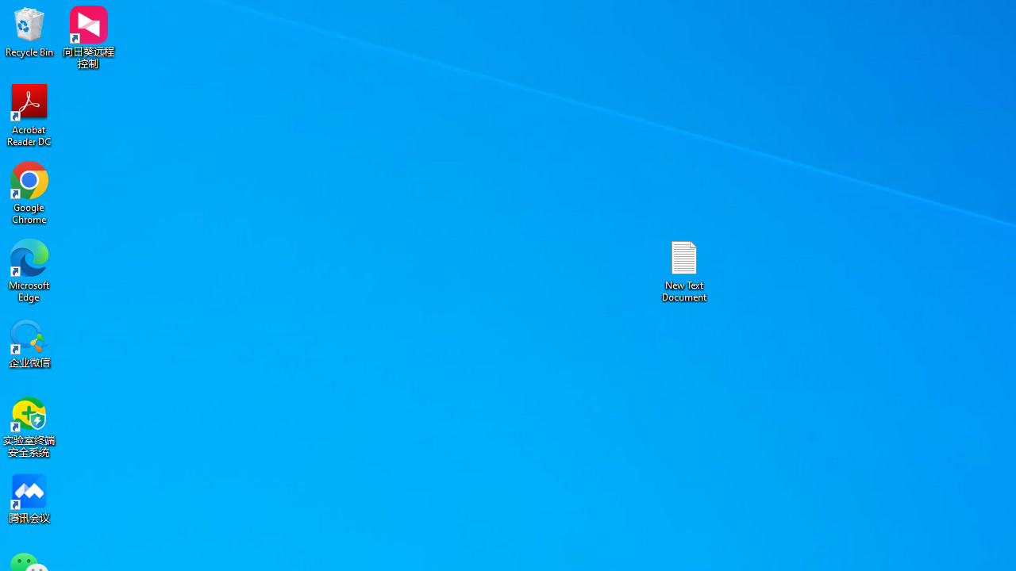  I want to click on 'Acrobat Reader DC', so click(29, 114).